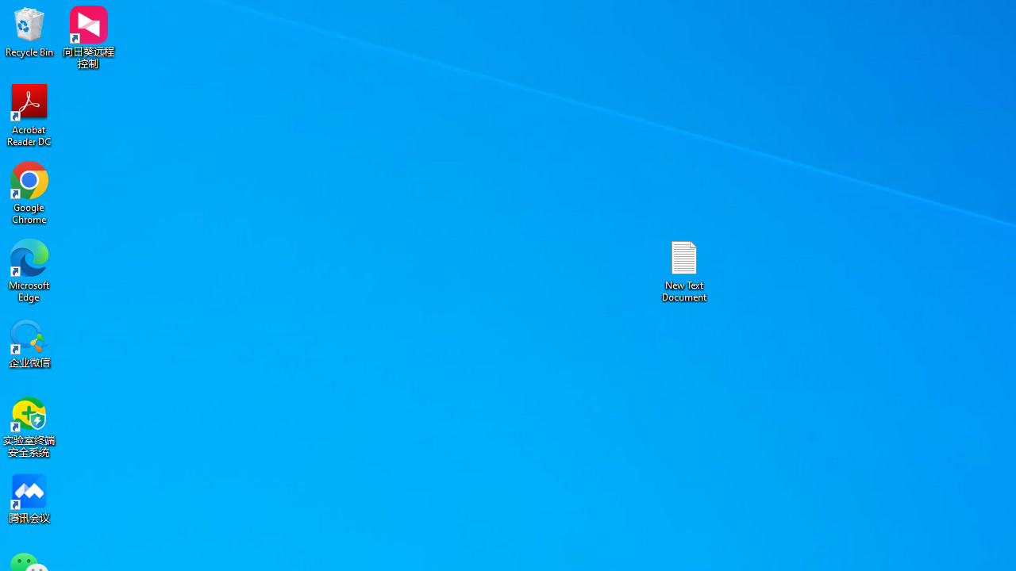  I want to click on 'Acrobat Reader DC', so click(29, 114).